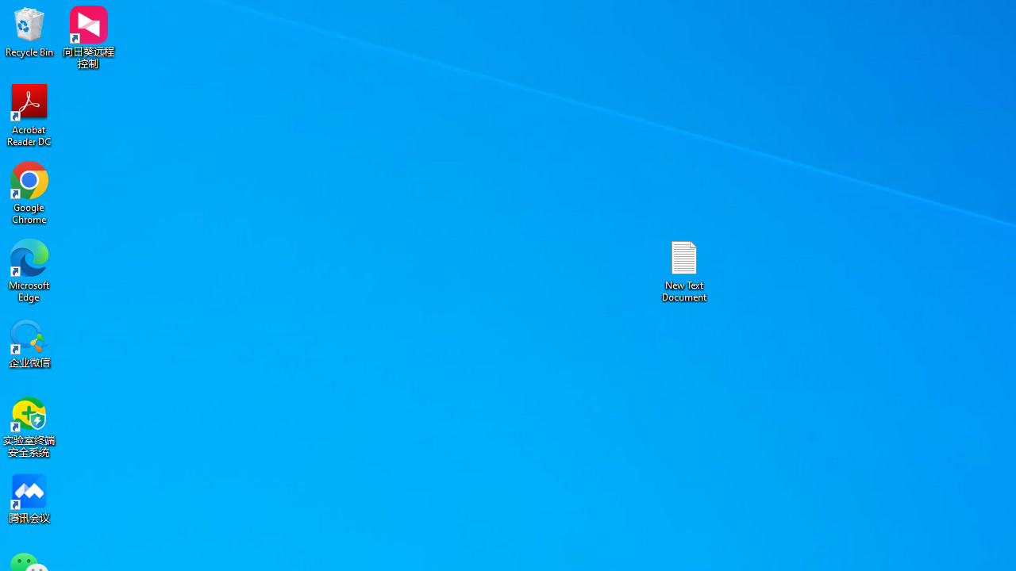  I want to click on 'Acrobat Reader DC', so click(29, 114).